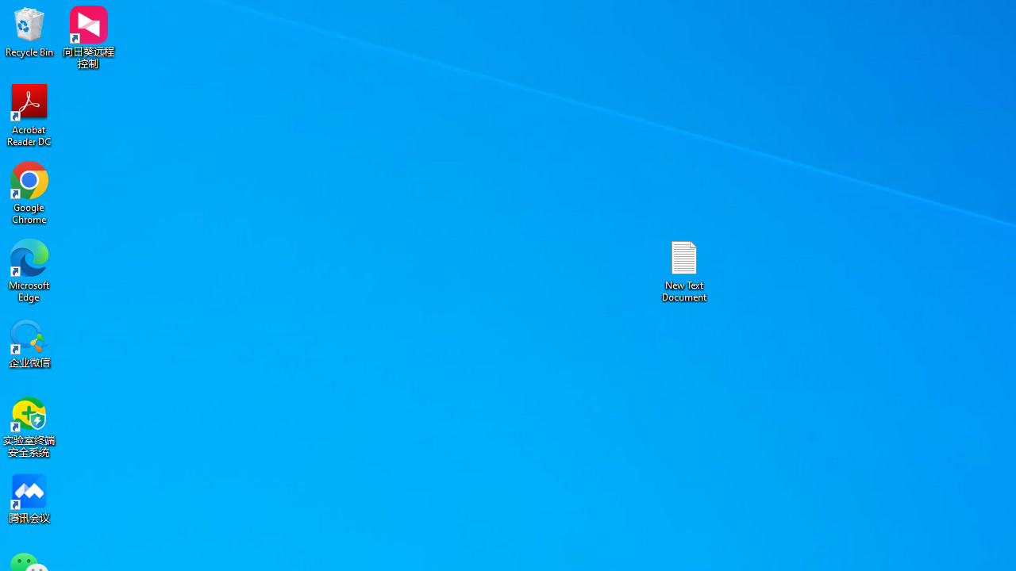  I want to click on 'Acrobat Reader DC', so click(29, 114).